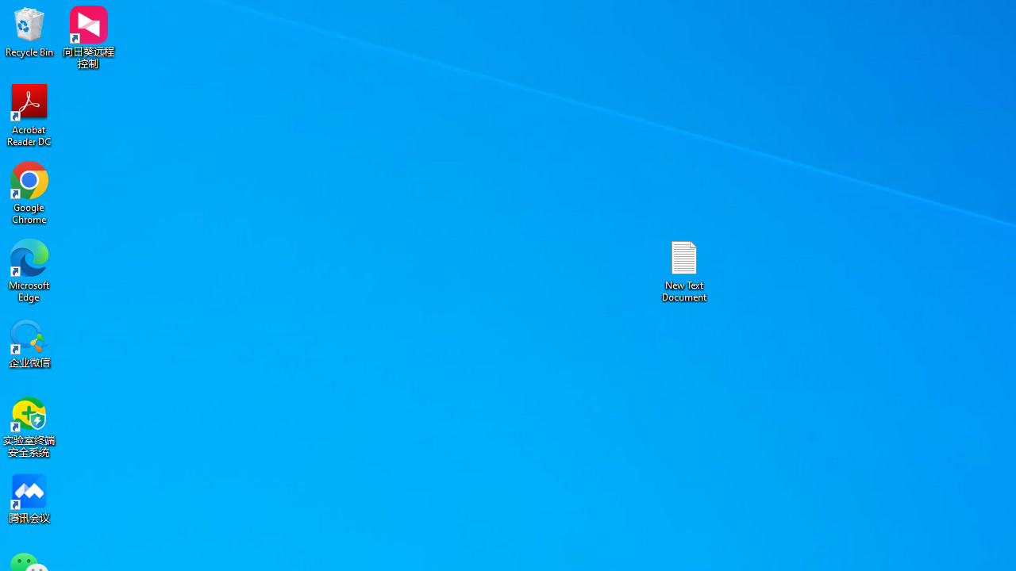  I want to click on 'Acrobat Reader DC', so click(29, 114).